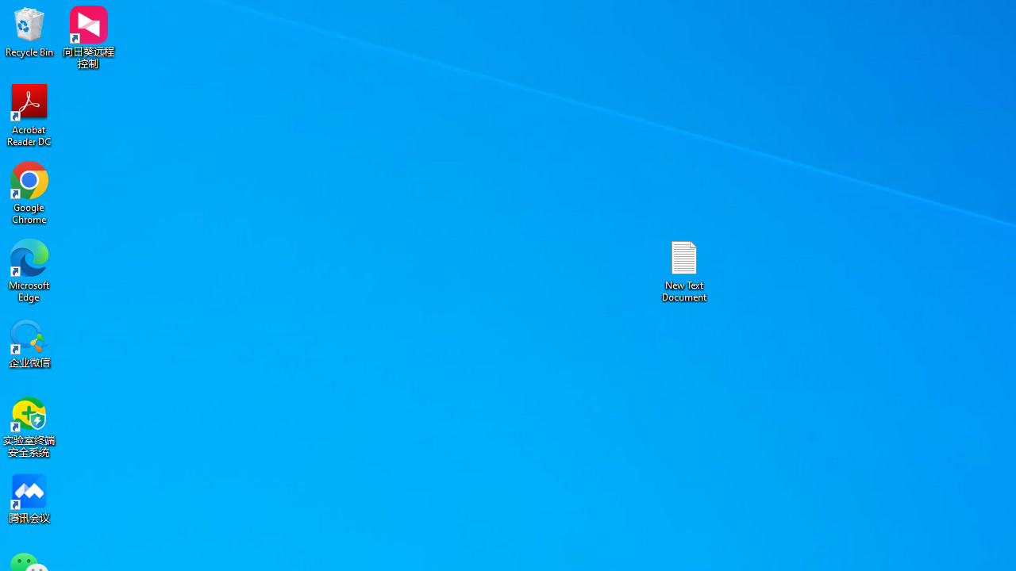  I want to click on 'Acrobat Reader DC', so click(29, 114).